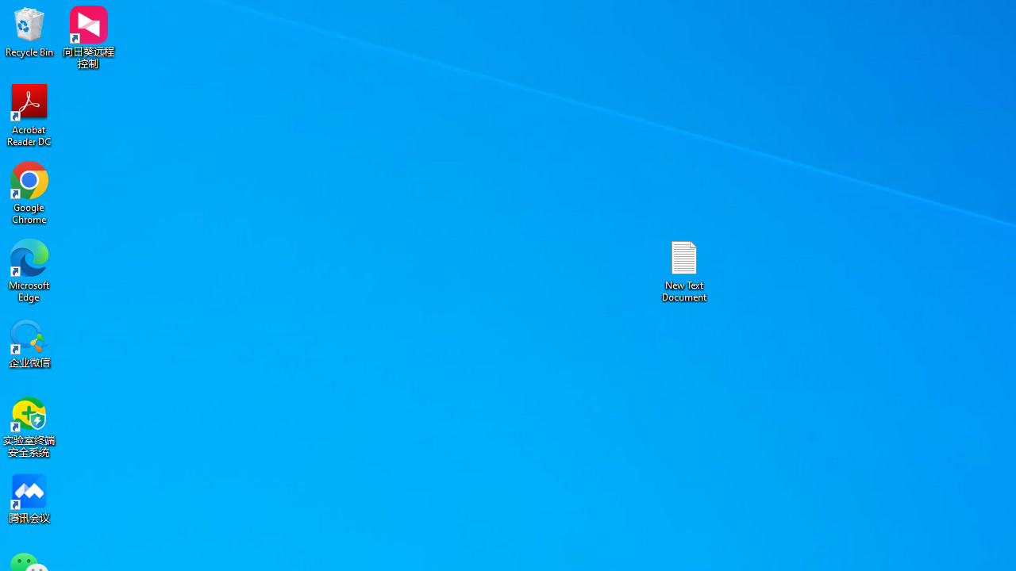  I want to click on 'Acrobat Reader DC', so click(29, 114).